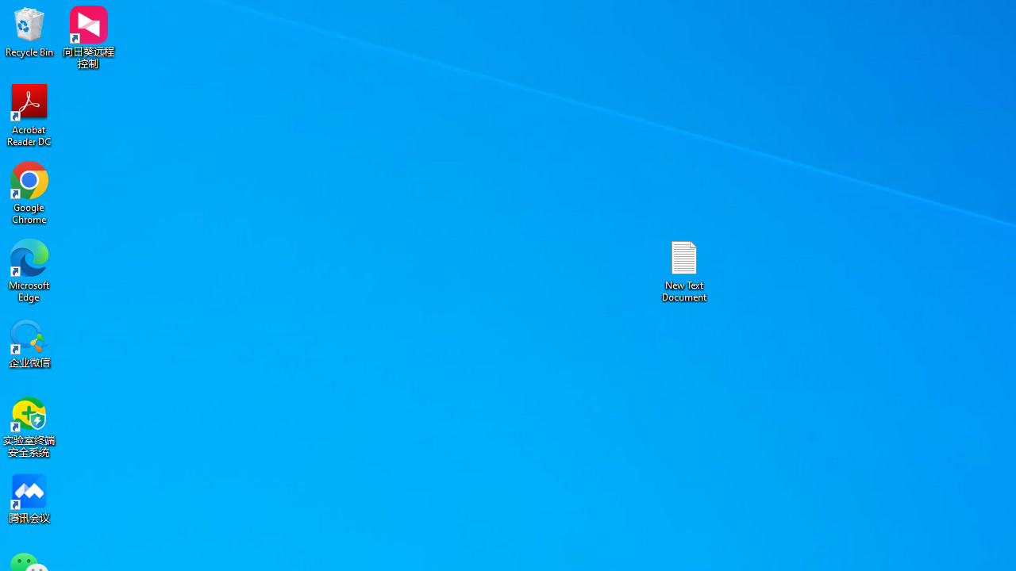  I want to click on 'Acrobat Reader DC', so click(29, 114).